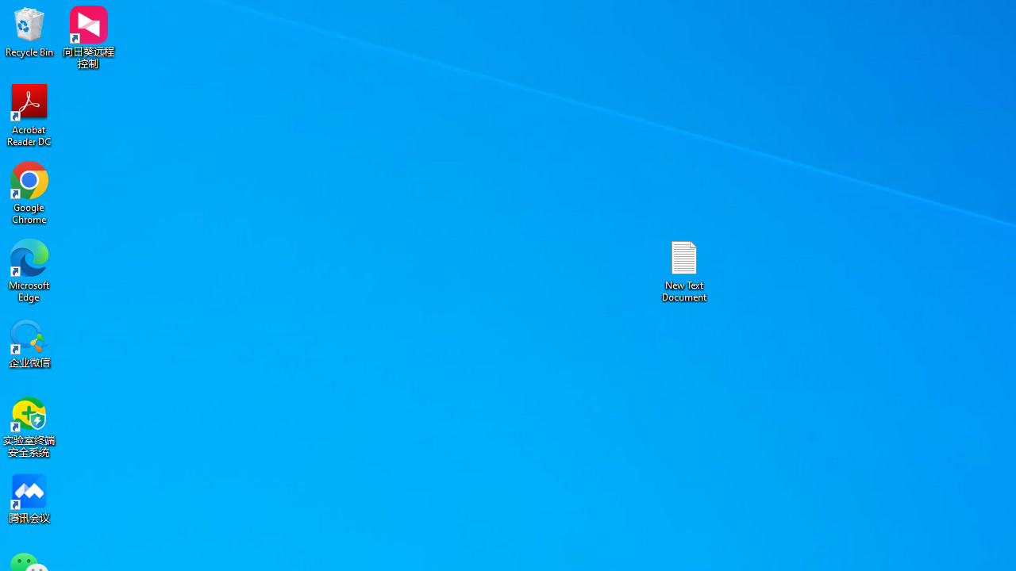  I want to click on 'Acrobat Reader DC', so click(29, 114).